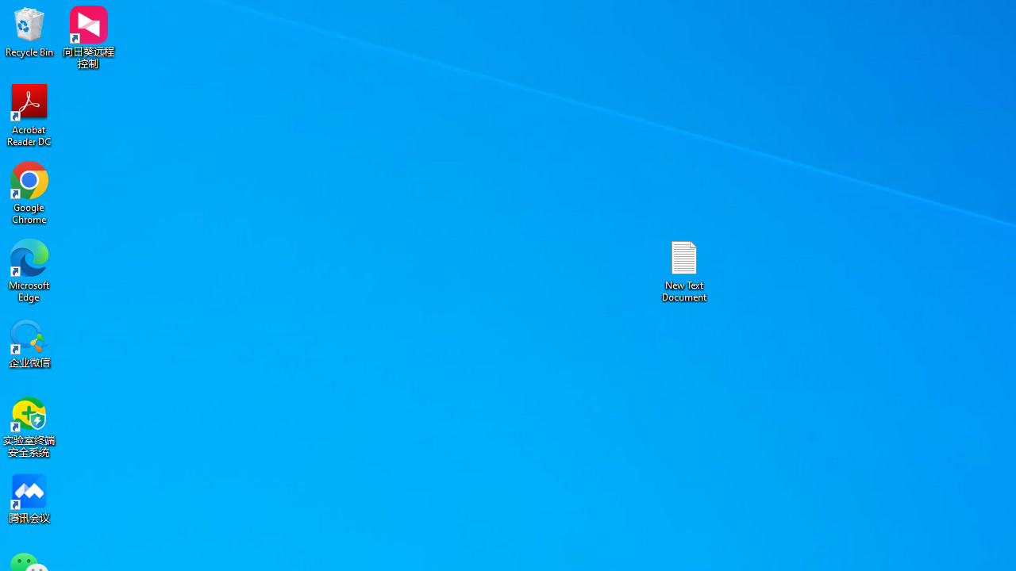  I want to click on 'Acrobat Reader DC', so click(29, 114).